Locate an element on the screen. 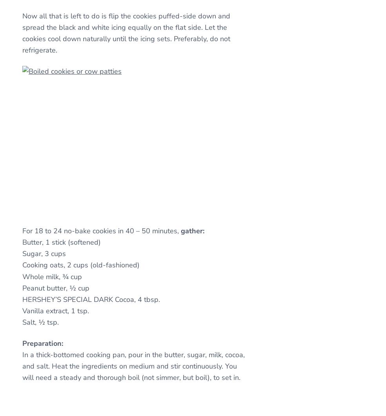 The width and height of the screenshot is (386, 416). 'In a thick-bottomed cooking pan, pour in the butter, sugar, milk, cocoa, and salt. Heat the ingredients on medium and stir continuously. You will need a steady and thorough boil (not simmer, but boil), to set in.' is located at coordinates (133, 365).